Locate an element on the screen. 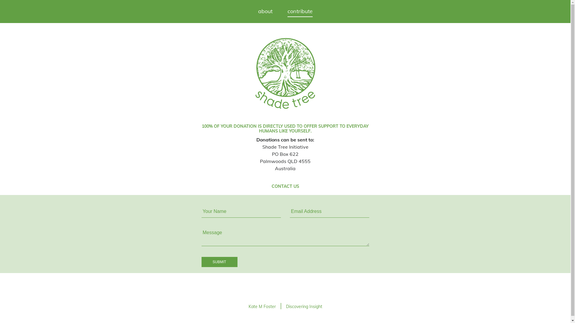 This screenshot has width=575, height=323. 'Discovering Insight' is located at coordinates (285, 307).